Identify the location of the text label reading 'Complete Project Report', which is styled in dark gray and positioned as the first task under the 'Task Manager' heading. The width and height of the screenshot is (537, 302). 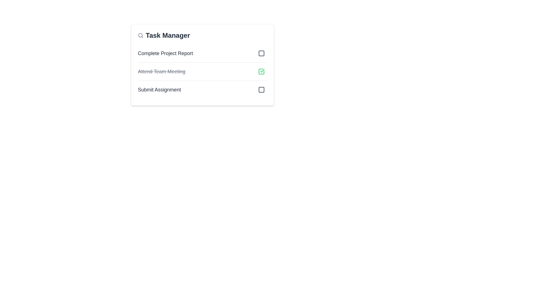
(165, 53).